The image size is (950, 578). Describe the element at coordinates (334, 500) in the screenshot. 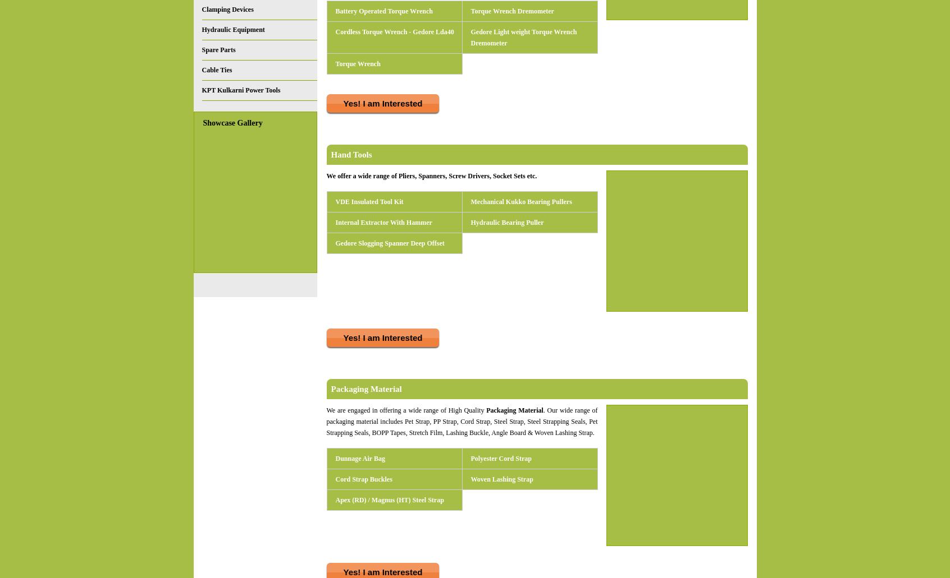

I see `'Apex (RD) / Magnus (HT) Steel Strap'` at that location.